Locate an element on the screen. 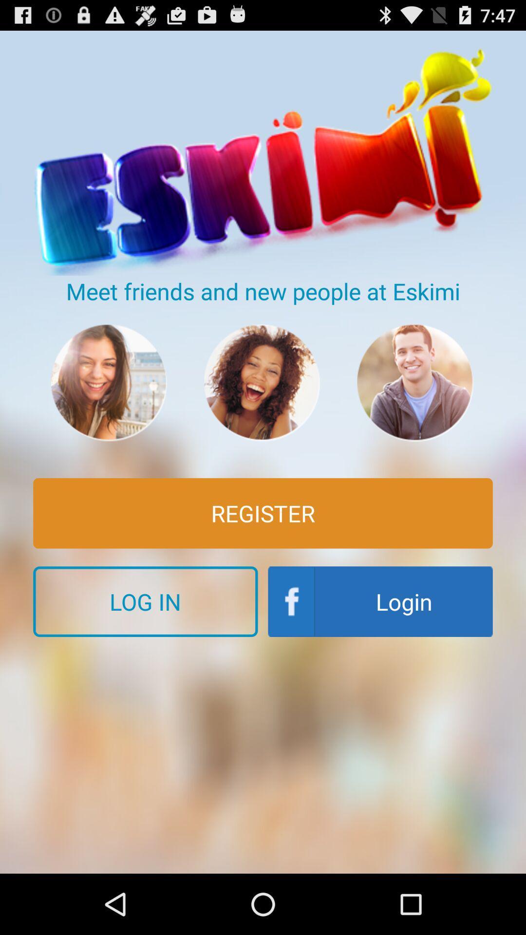  the icon next to the log in button is located at coordinates (380, 601).